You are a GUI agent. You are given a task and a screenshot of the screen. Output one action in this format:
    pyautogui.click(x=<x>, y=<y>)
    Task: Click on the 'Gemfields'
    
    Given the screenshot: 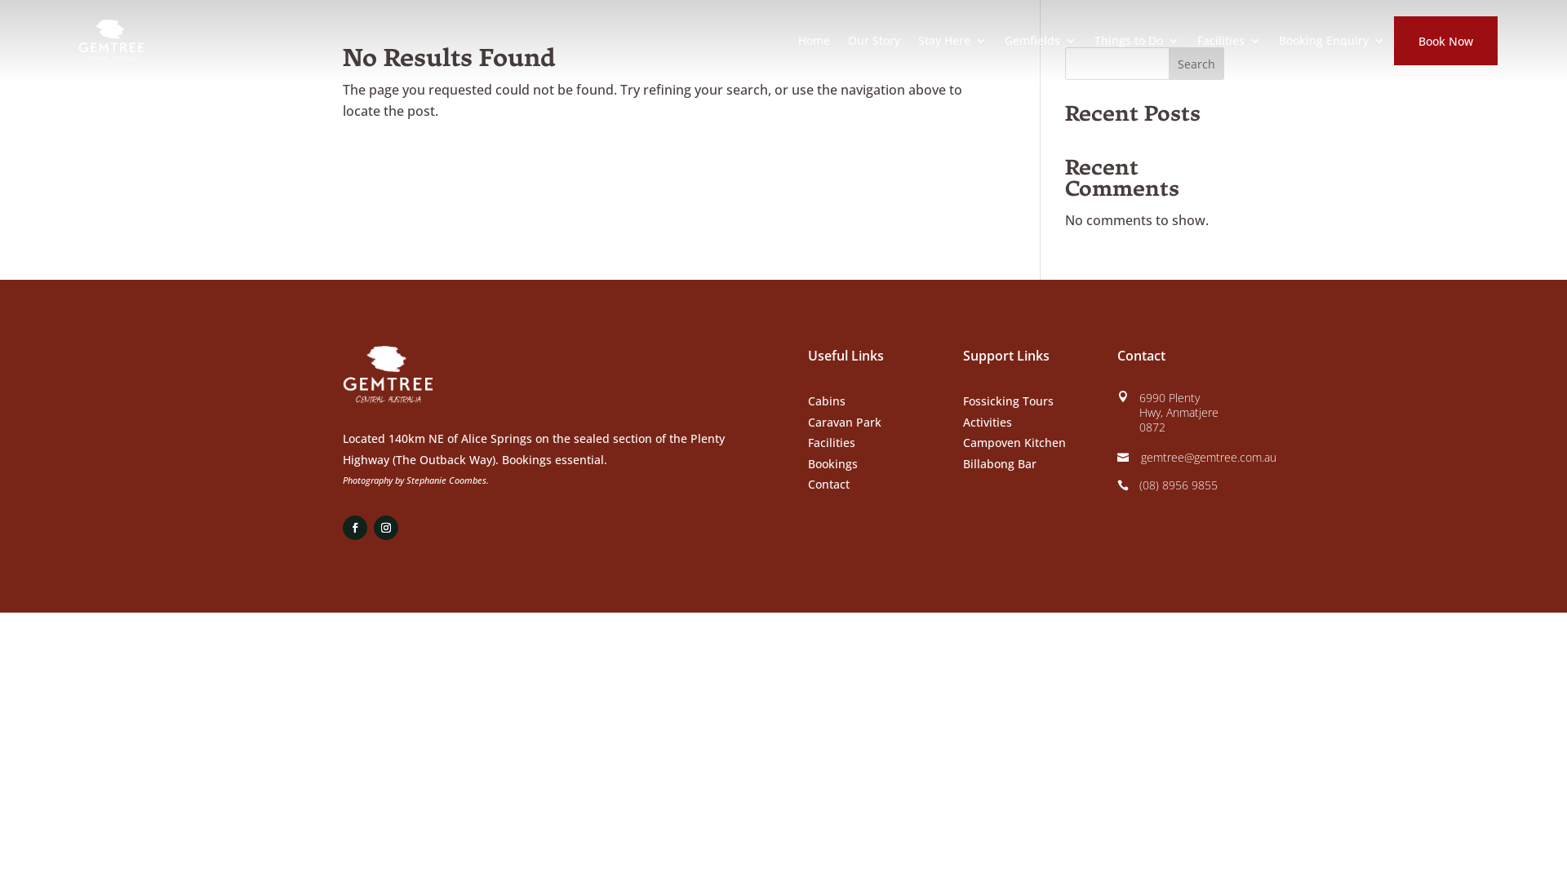 What is the action you would take?
    pyautogui.click(x=1040, y=40)
    